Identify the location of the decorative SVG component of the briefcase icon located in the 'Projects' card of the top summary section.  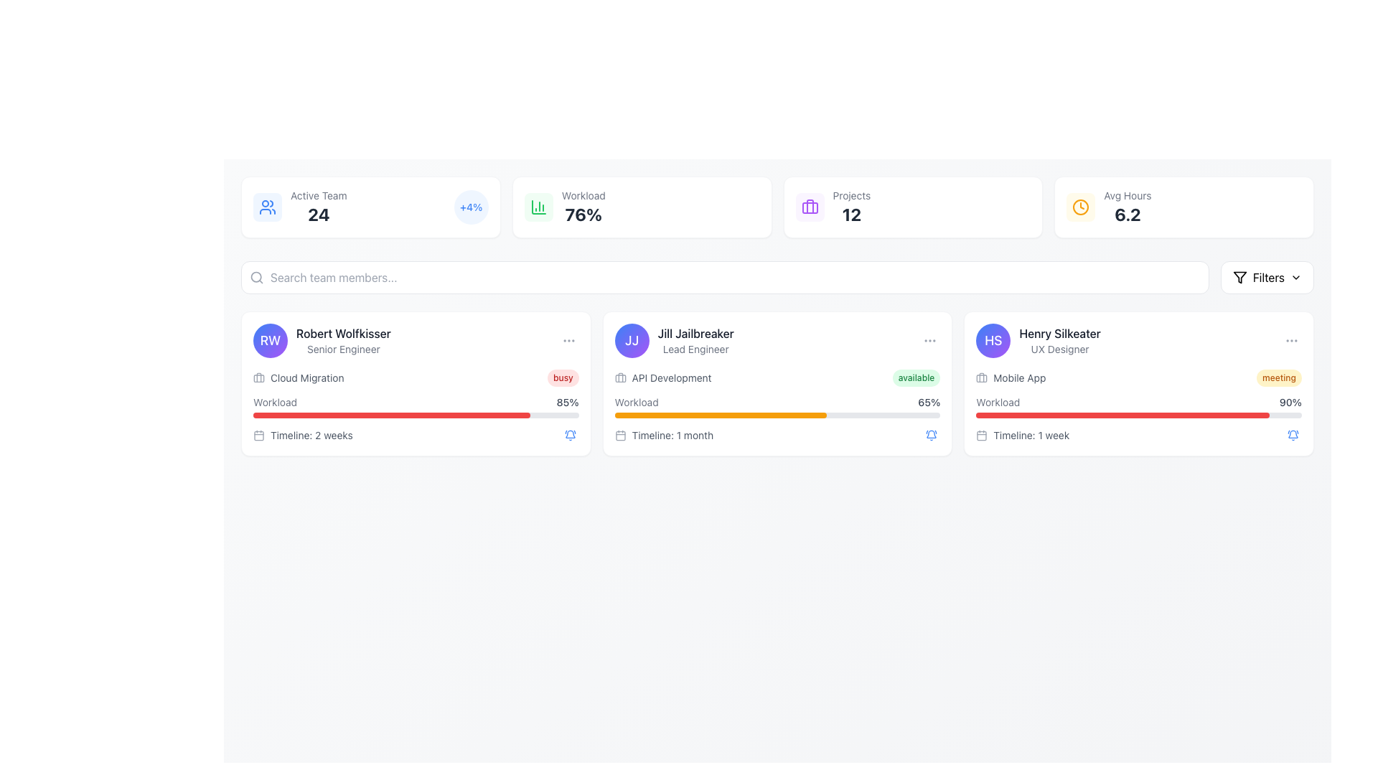
(810, 207).